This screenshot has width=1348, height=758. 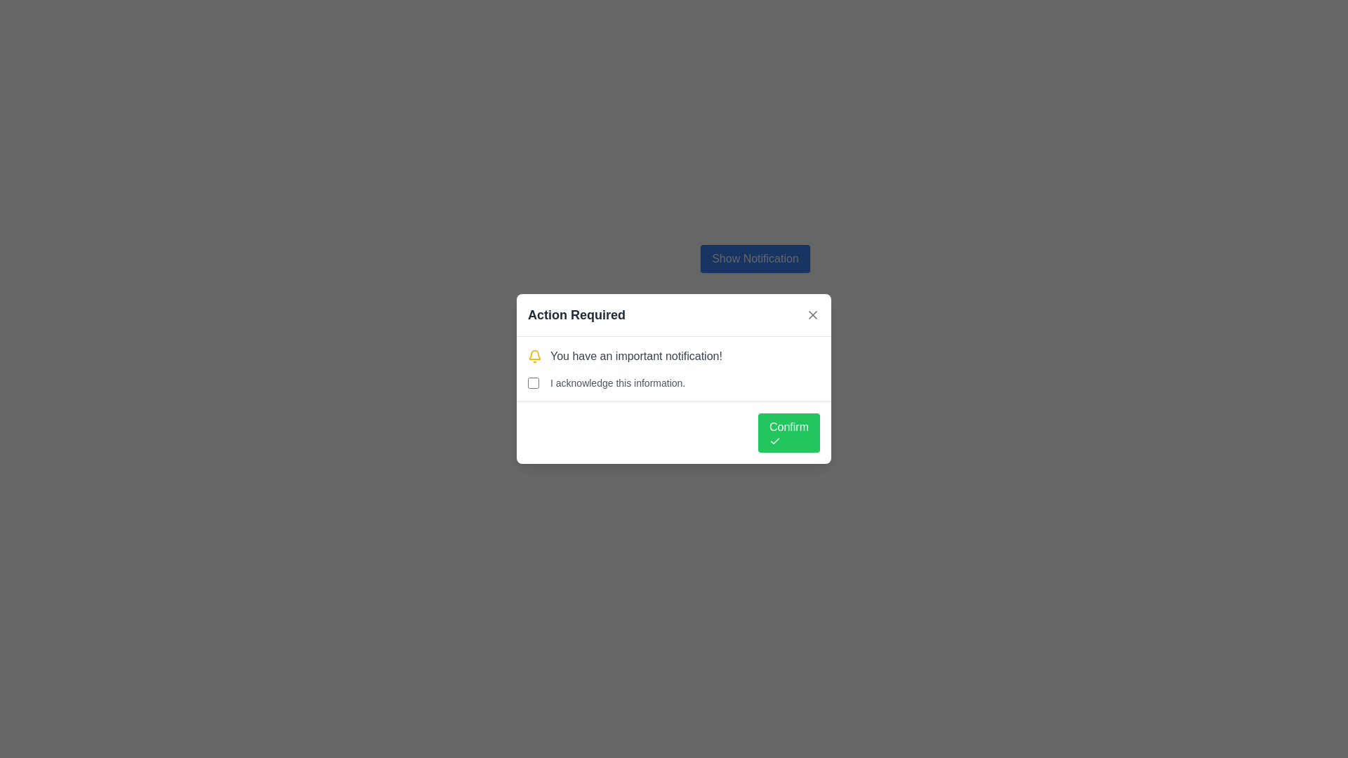 What do you see at coordinates (788, 432) in the screenshot?
I see `the green 'Confirm' button located in the bottom-right corner of the 'Action Required' dialog box to trigger the hover effect` at bounding box center [788, 432].